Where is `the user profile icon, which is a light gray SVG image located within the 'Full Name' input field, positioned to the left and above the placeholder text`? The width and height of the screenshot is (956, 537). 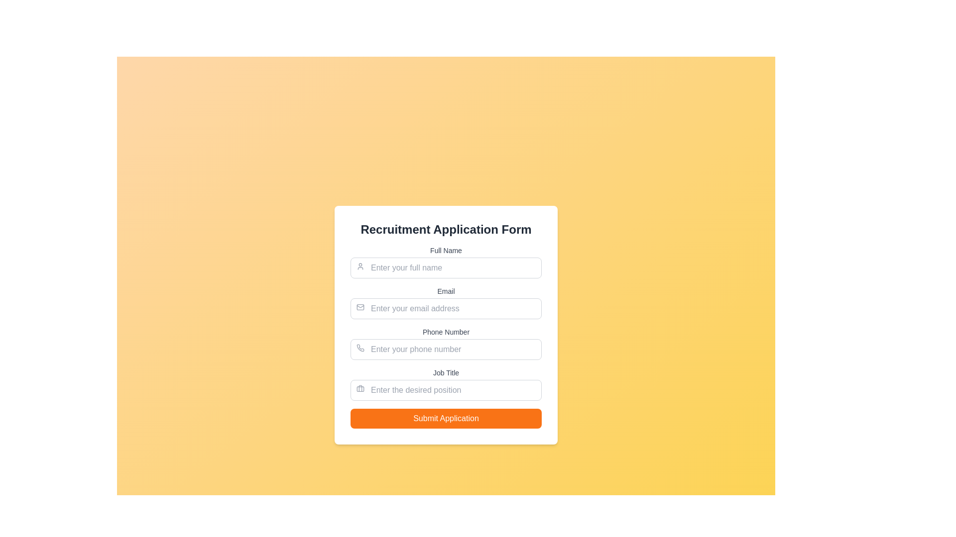
the user profile icon, which is a light gray SVG image located within the 'Full Name' input field, positioned to the left and above the placeholder text is located at coordinates (360, 266).